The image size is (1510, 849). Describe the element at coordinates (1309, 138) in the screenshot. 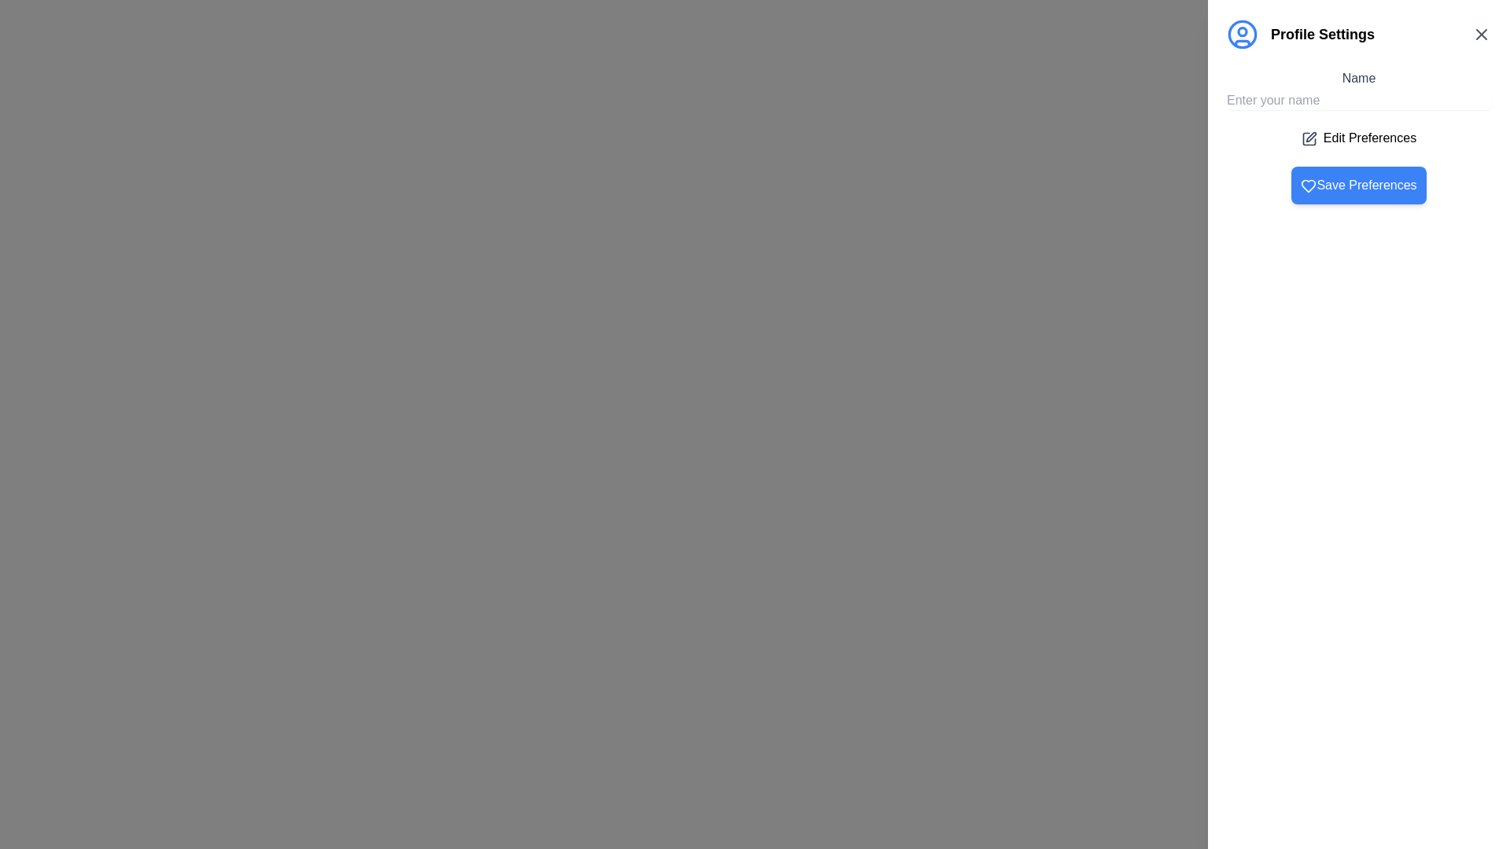

I see `the icon located to the left of the 'Edit Preferences' text in the upper right section` at that location.